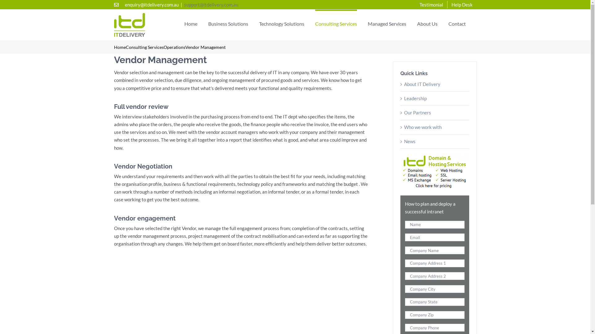  Describe the element at coordinates (228, 23) in the screenshot. I see `'Business Solutions'` at that location.